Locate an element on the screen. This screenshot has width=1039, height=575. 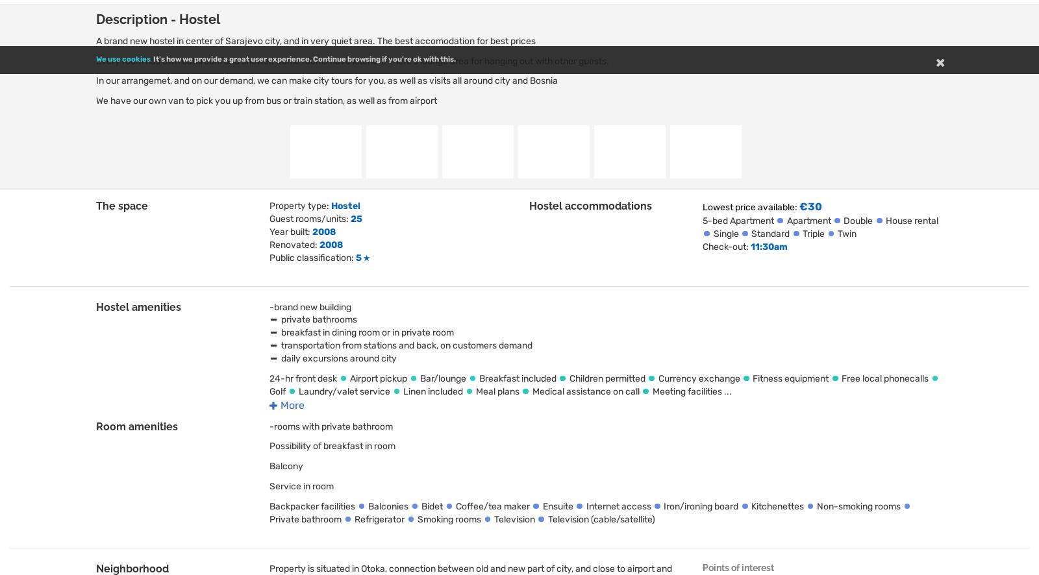
'Apartment' is located at coordinates (807, 219).